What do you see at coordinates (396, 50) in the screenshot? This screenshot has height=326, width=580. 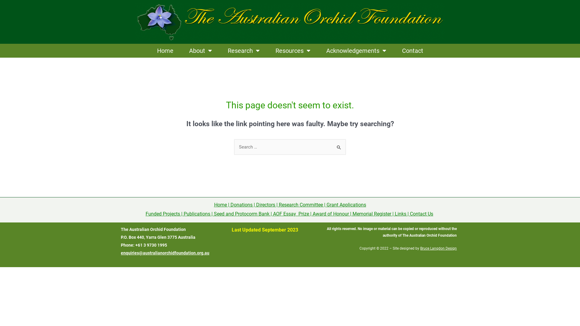 I see `'Contact'` at bounding box center [396, 50].